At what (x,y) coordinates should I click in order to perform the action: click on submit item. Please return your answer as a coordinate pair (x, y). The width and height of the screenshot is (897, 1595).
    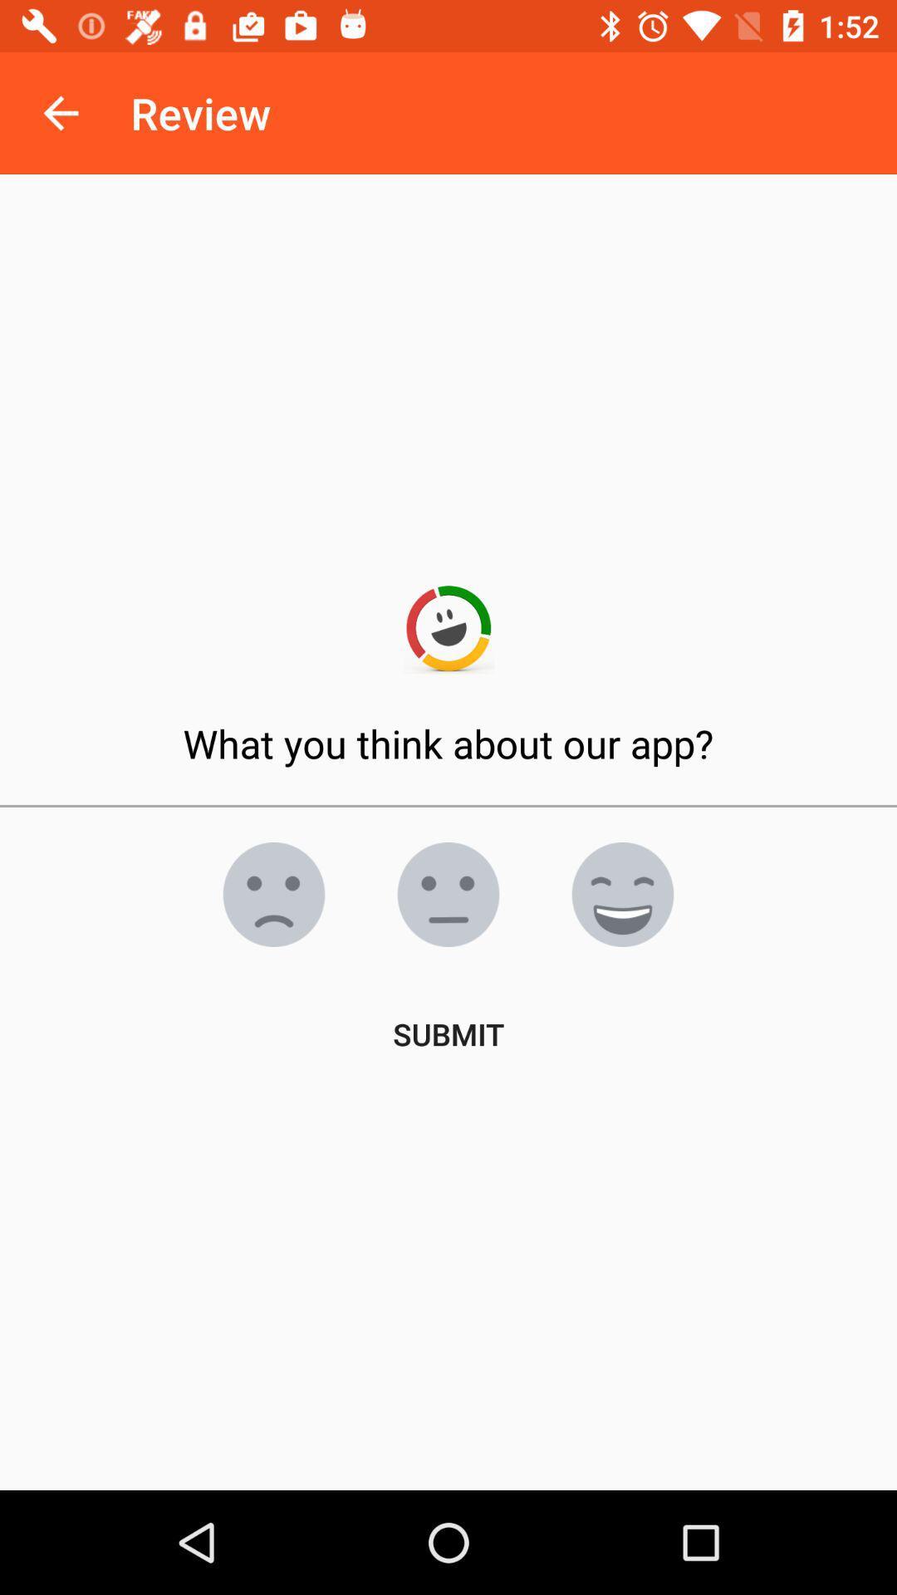
    Looking at the image, I should click on (448, 1033).